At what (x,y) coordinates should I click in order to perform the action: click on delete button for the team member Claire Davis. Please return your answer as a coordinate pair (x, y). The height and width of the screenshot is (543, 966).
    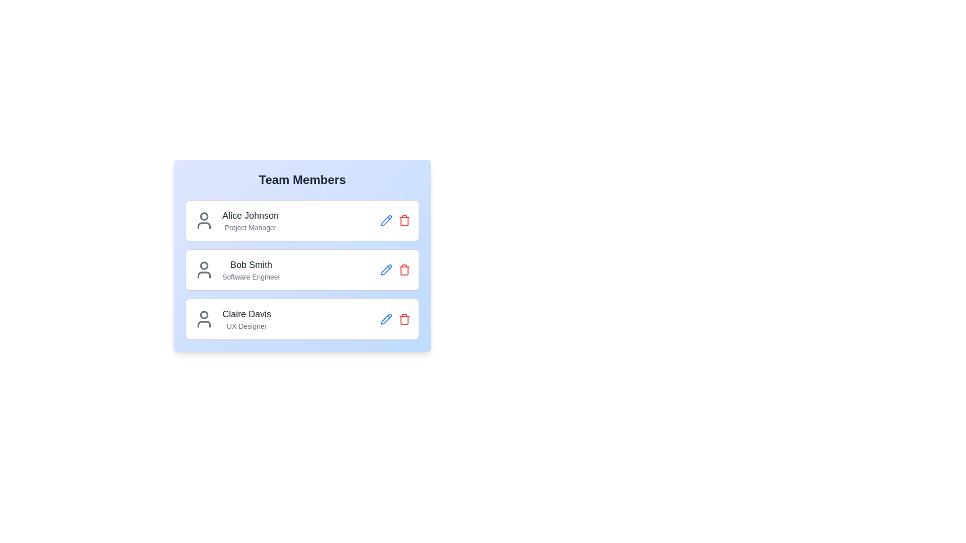
    Looking at the image, I should click on (405, 319).